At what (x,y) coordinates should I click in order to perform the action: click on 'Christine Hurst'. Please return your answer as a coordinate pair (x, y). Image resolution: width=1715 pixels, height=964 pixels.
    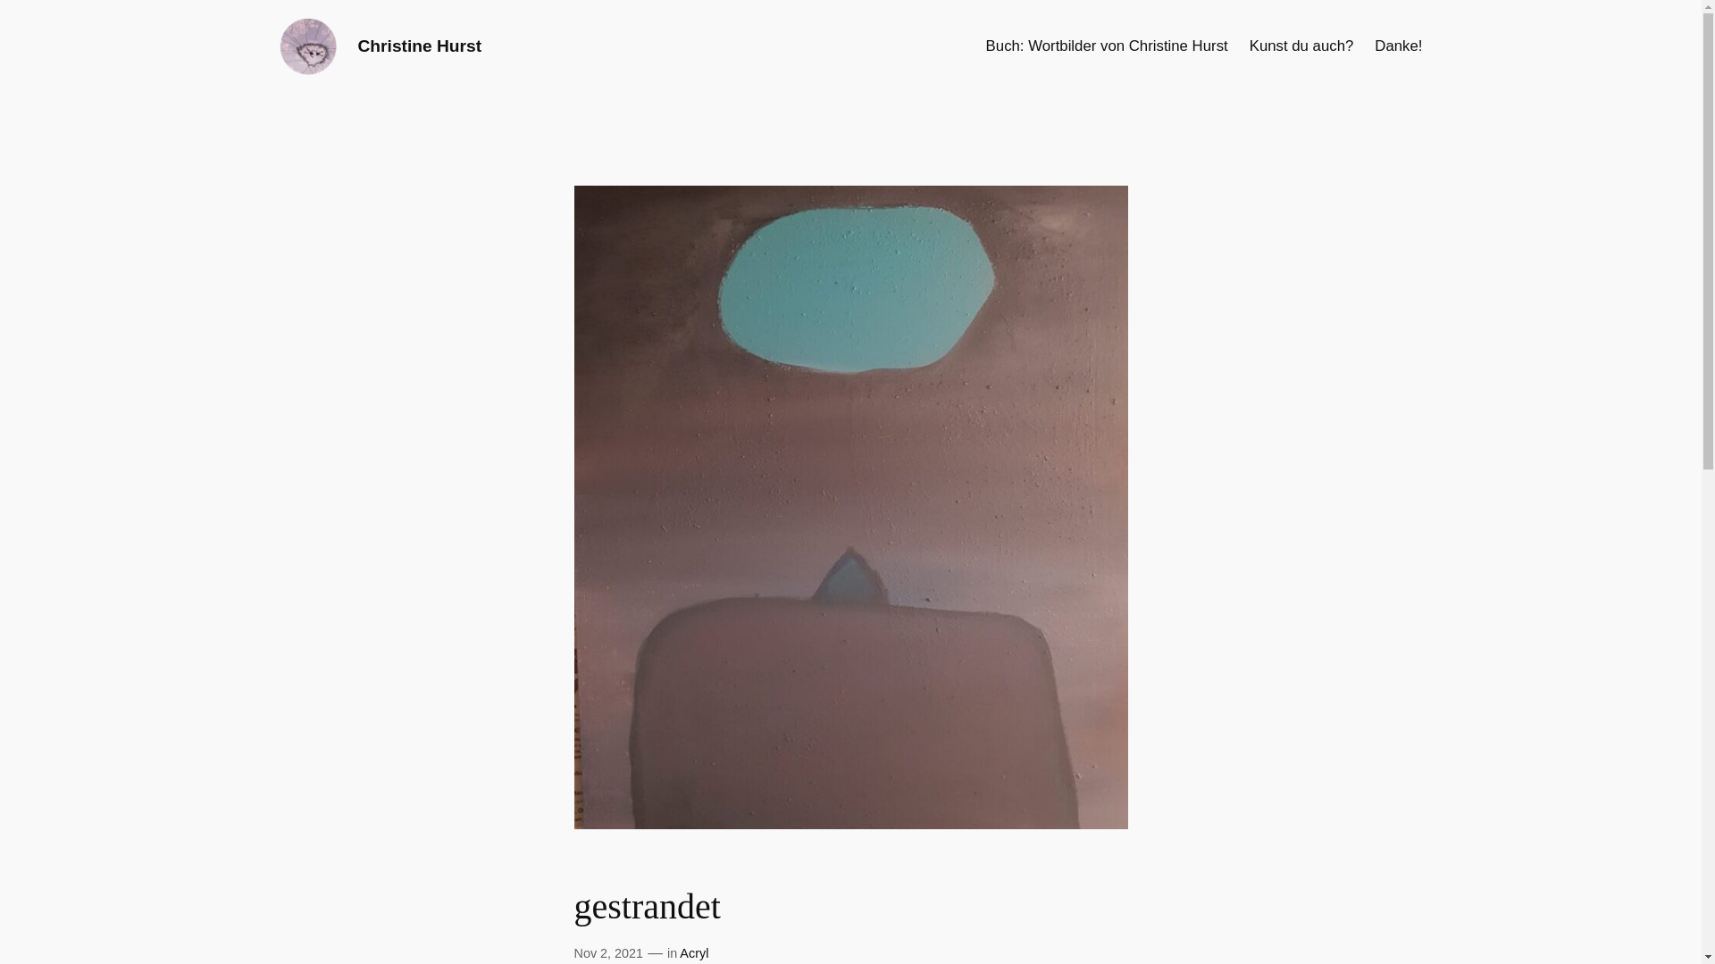
    Looking at the image, I should click on (418, 45).